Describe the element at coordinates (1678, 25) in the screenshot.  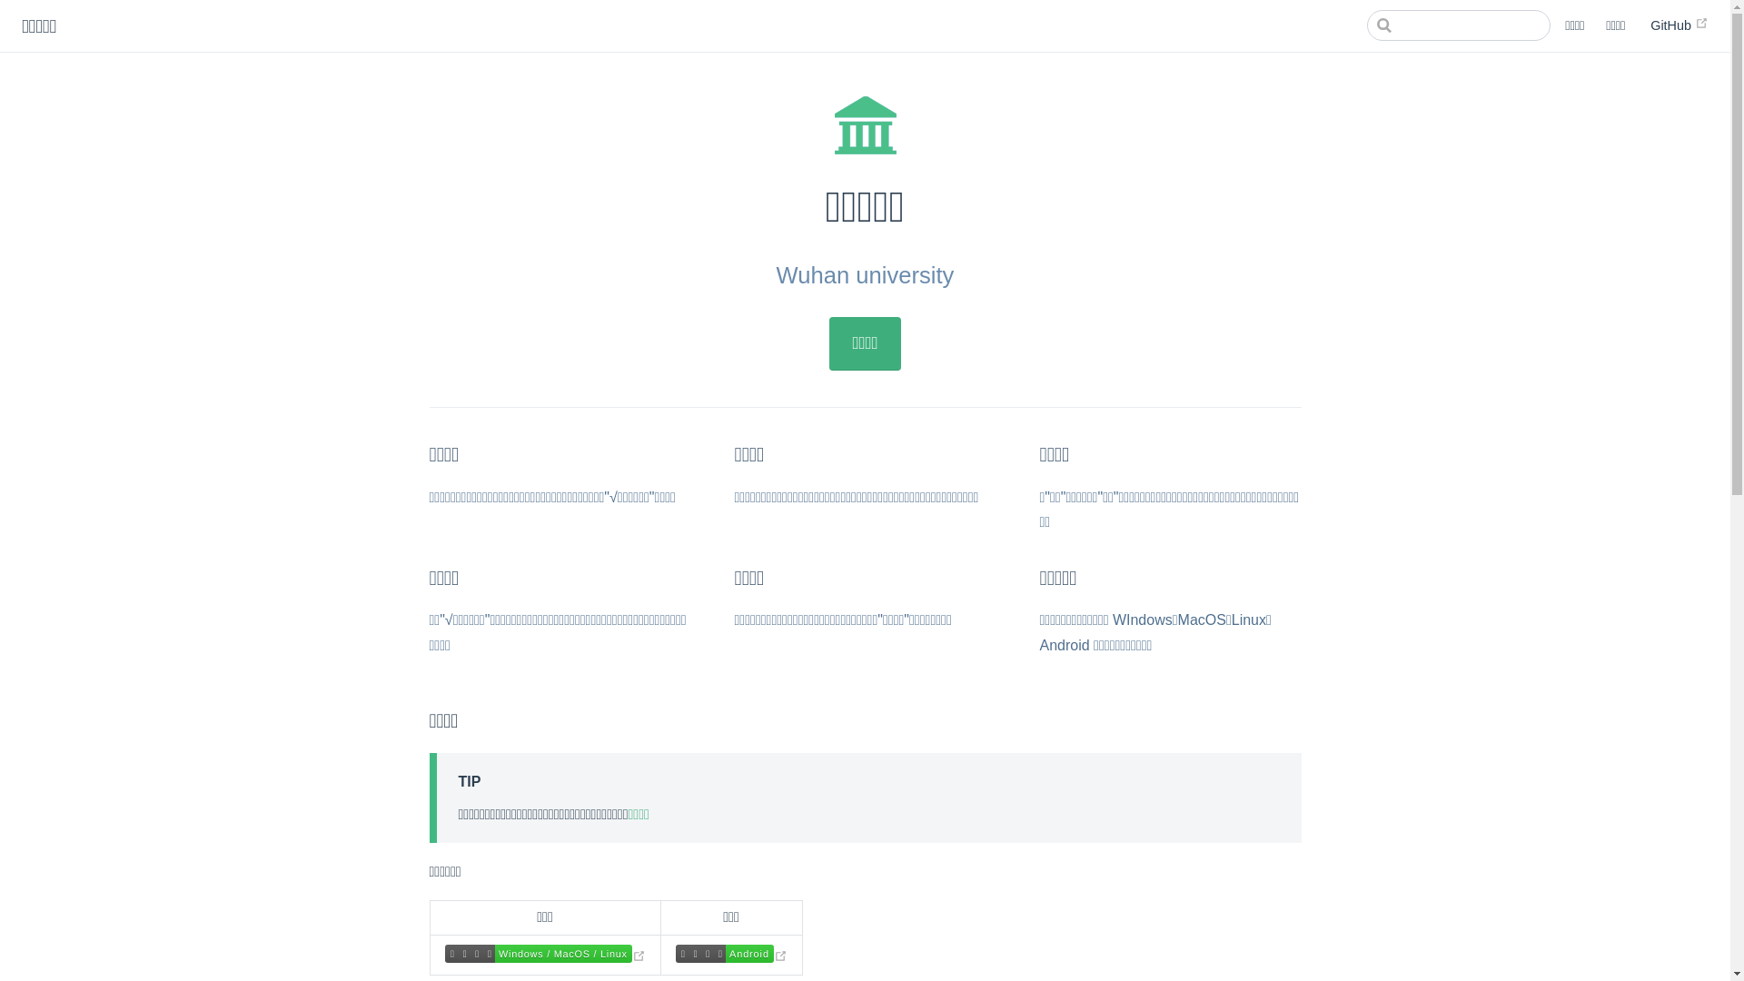
I see `'GitHub'` at that location.